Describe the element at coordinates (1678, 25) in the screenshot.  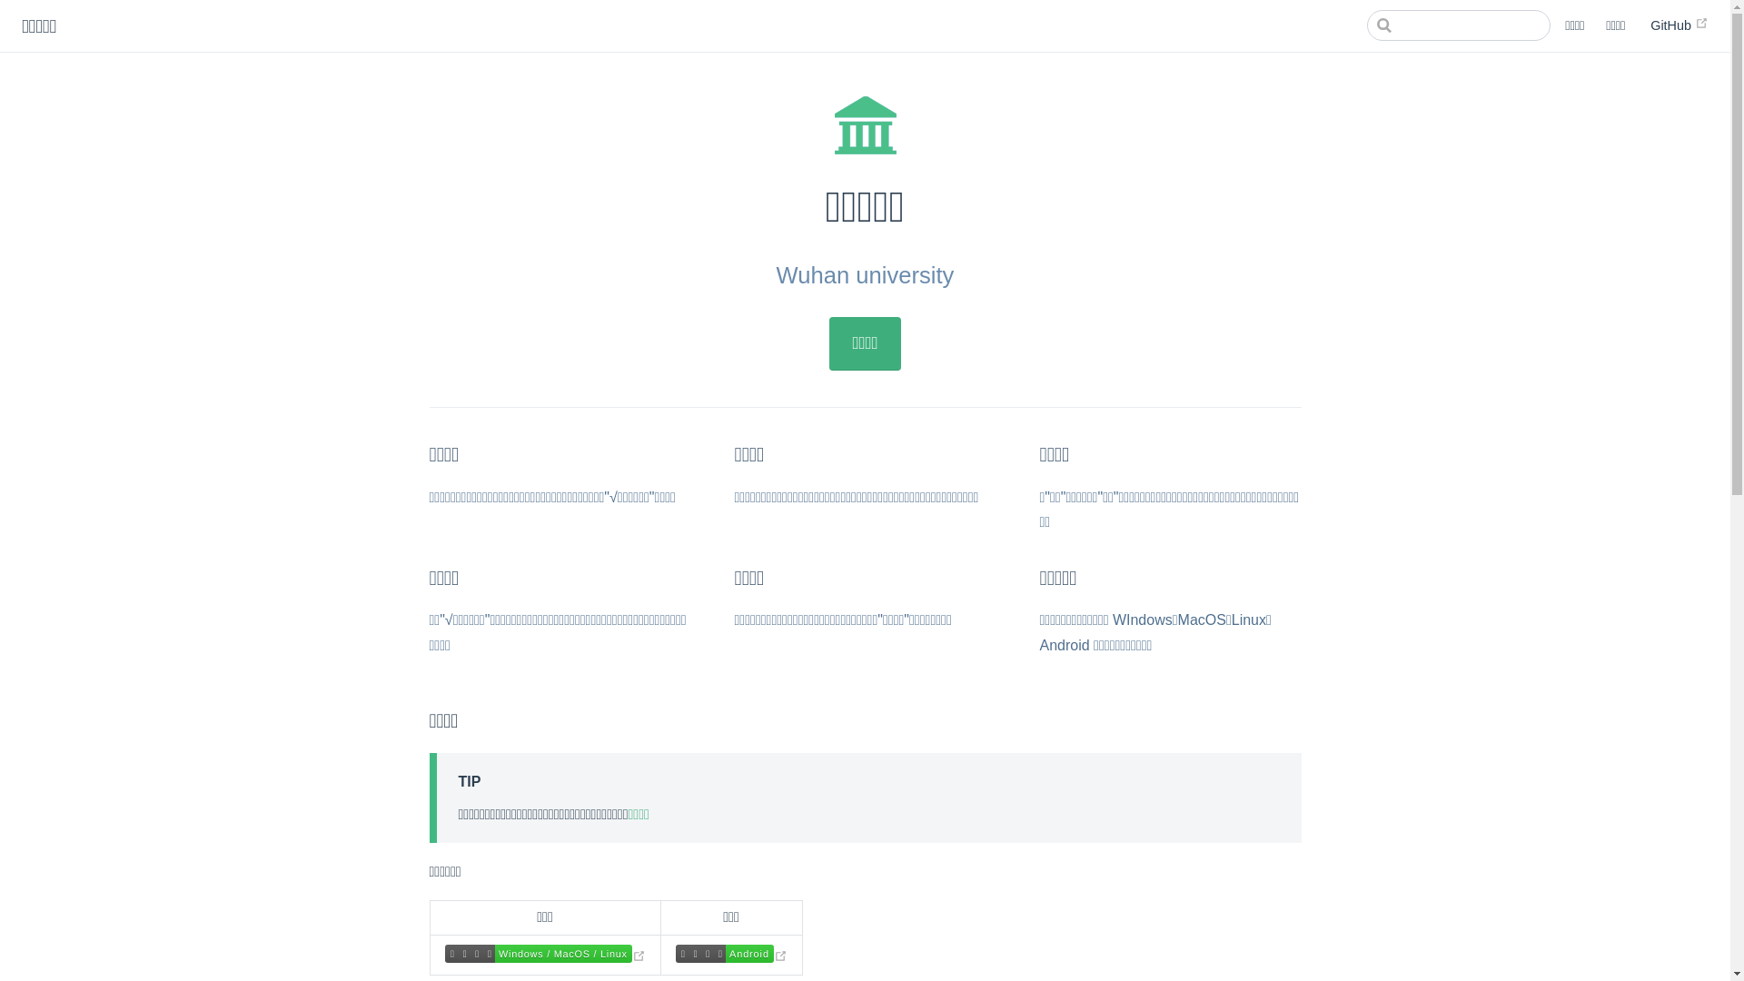
I see `'GitHub'` at that location.